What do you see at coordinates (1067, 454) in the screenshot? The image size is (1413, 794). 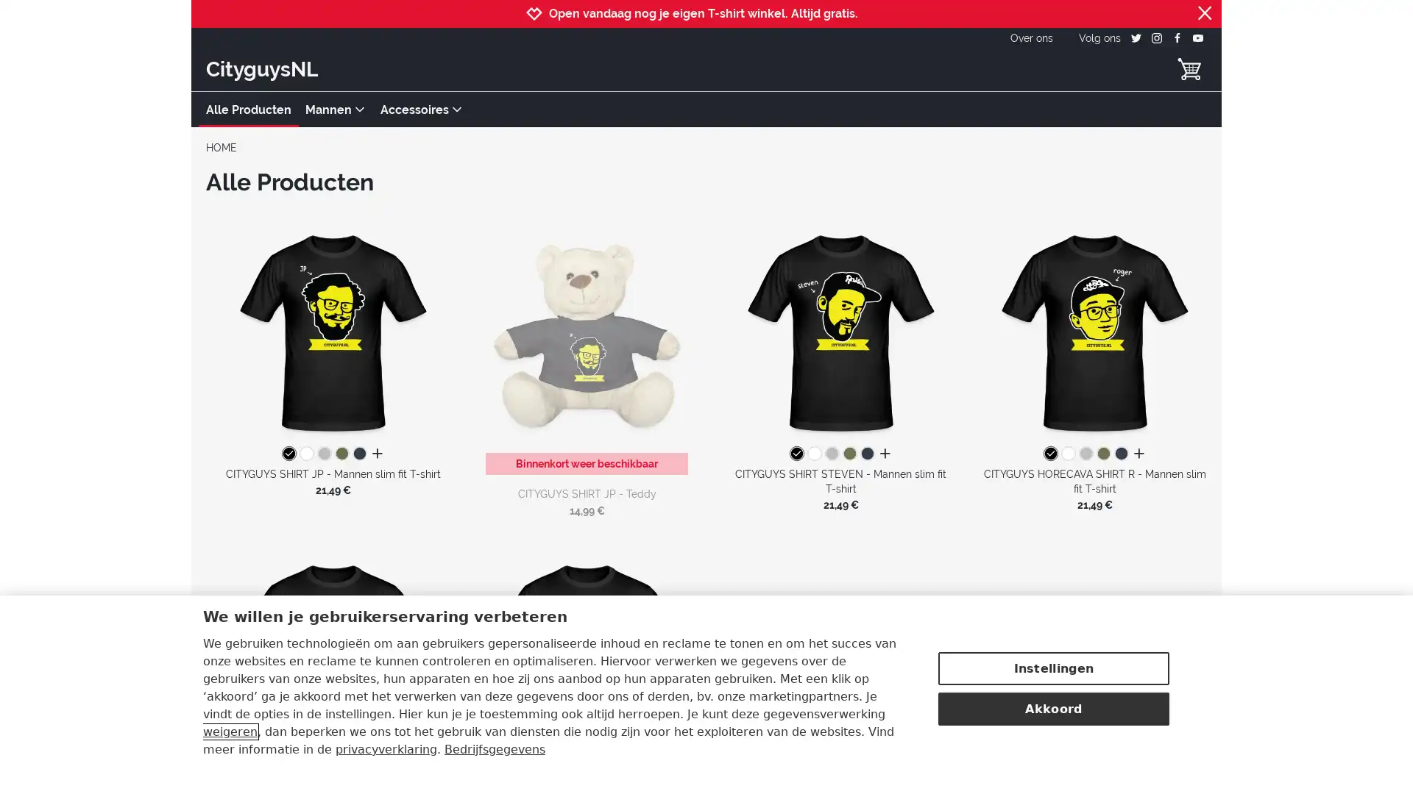 I see `white` at bounding box center [1067, 454].